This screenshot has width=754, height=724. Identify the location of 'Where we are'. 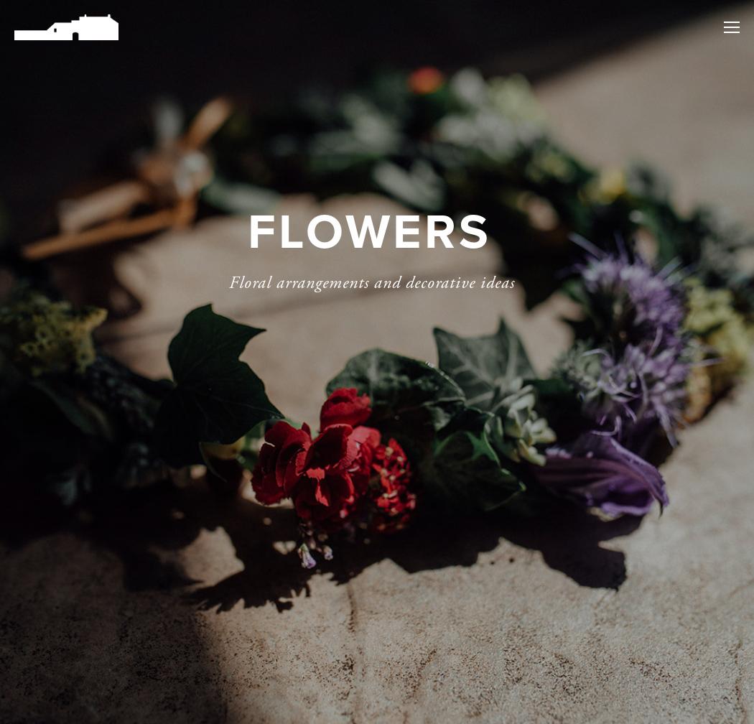
(645, 121).